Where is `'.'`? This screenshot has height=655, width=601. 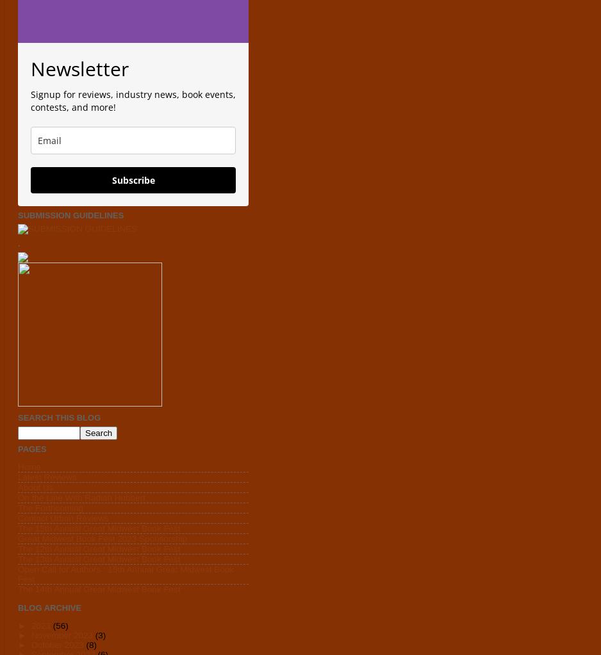
'.' is located at coordinates (19, 242).